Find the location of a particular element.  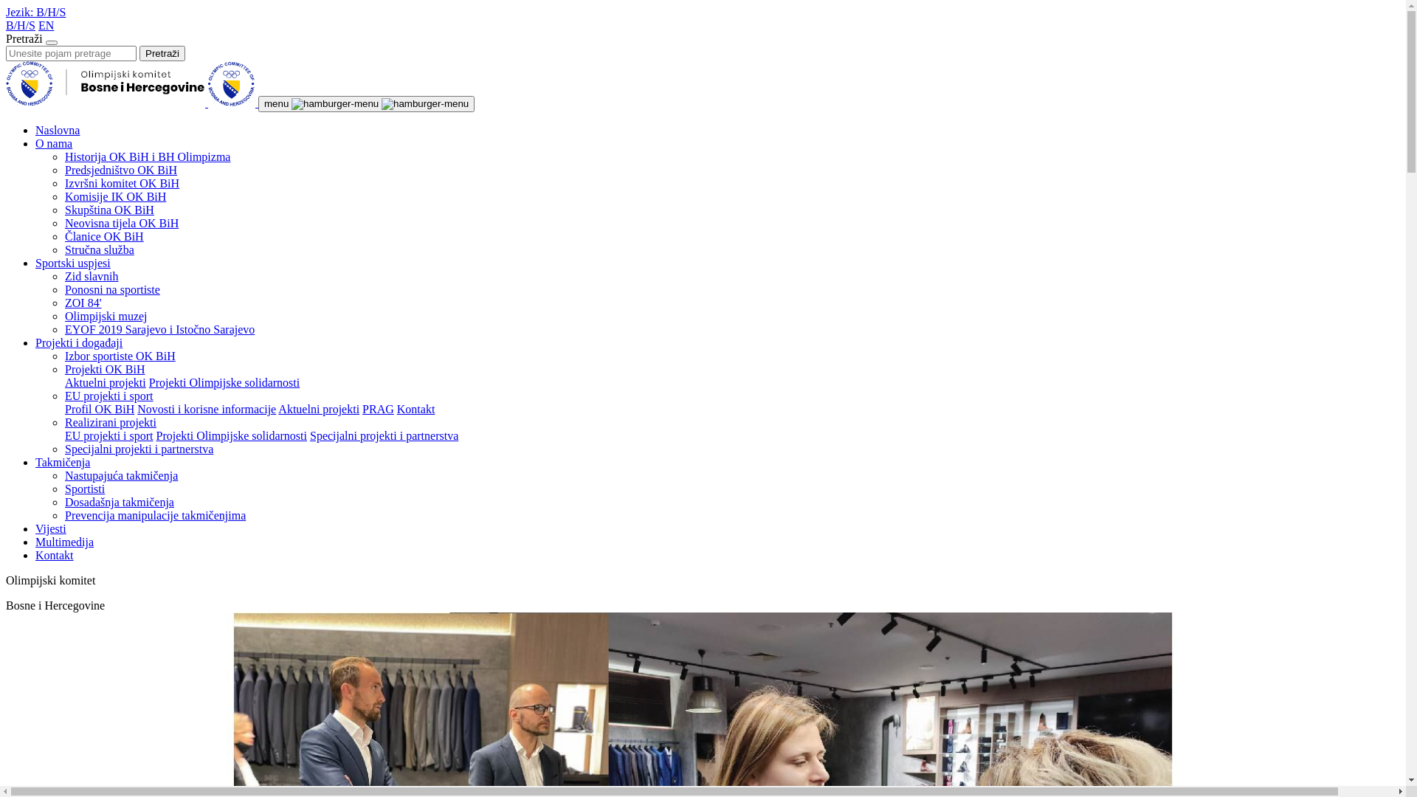

'Aktuelni projekti' is located at coordinates (105, 382).